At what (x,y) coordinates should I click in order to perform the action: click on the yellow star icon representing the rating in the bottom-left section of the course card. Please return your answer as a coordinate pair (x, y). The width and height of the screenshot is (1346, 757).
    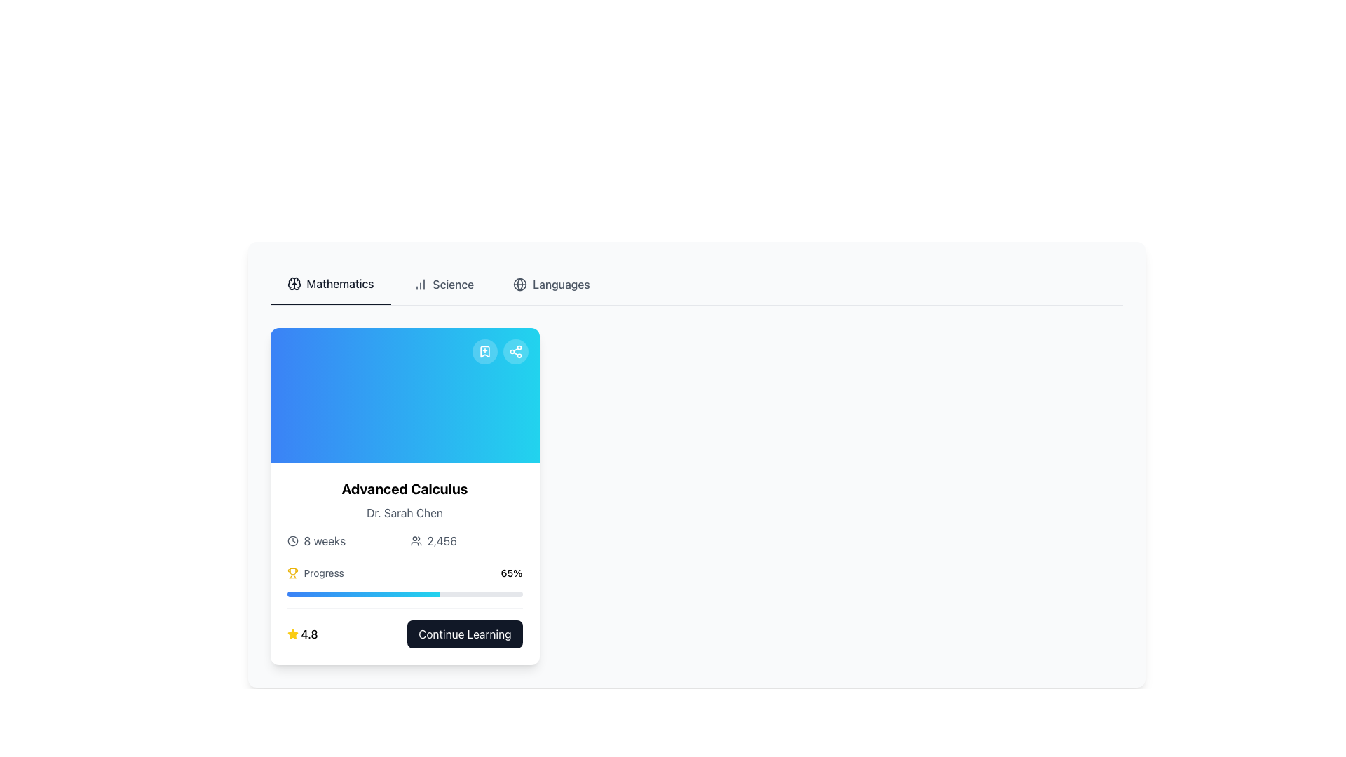
    Looking at the image, I should click on (292, 634).